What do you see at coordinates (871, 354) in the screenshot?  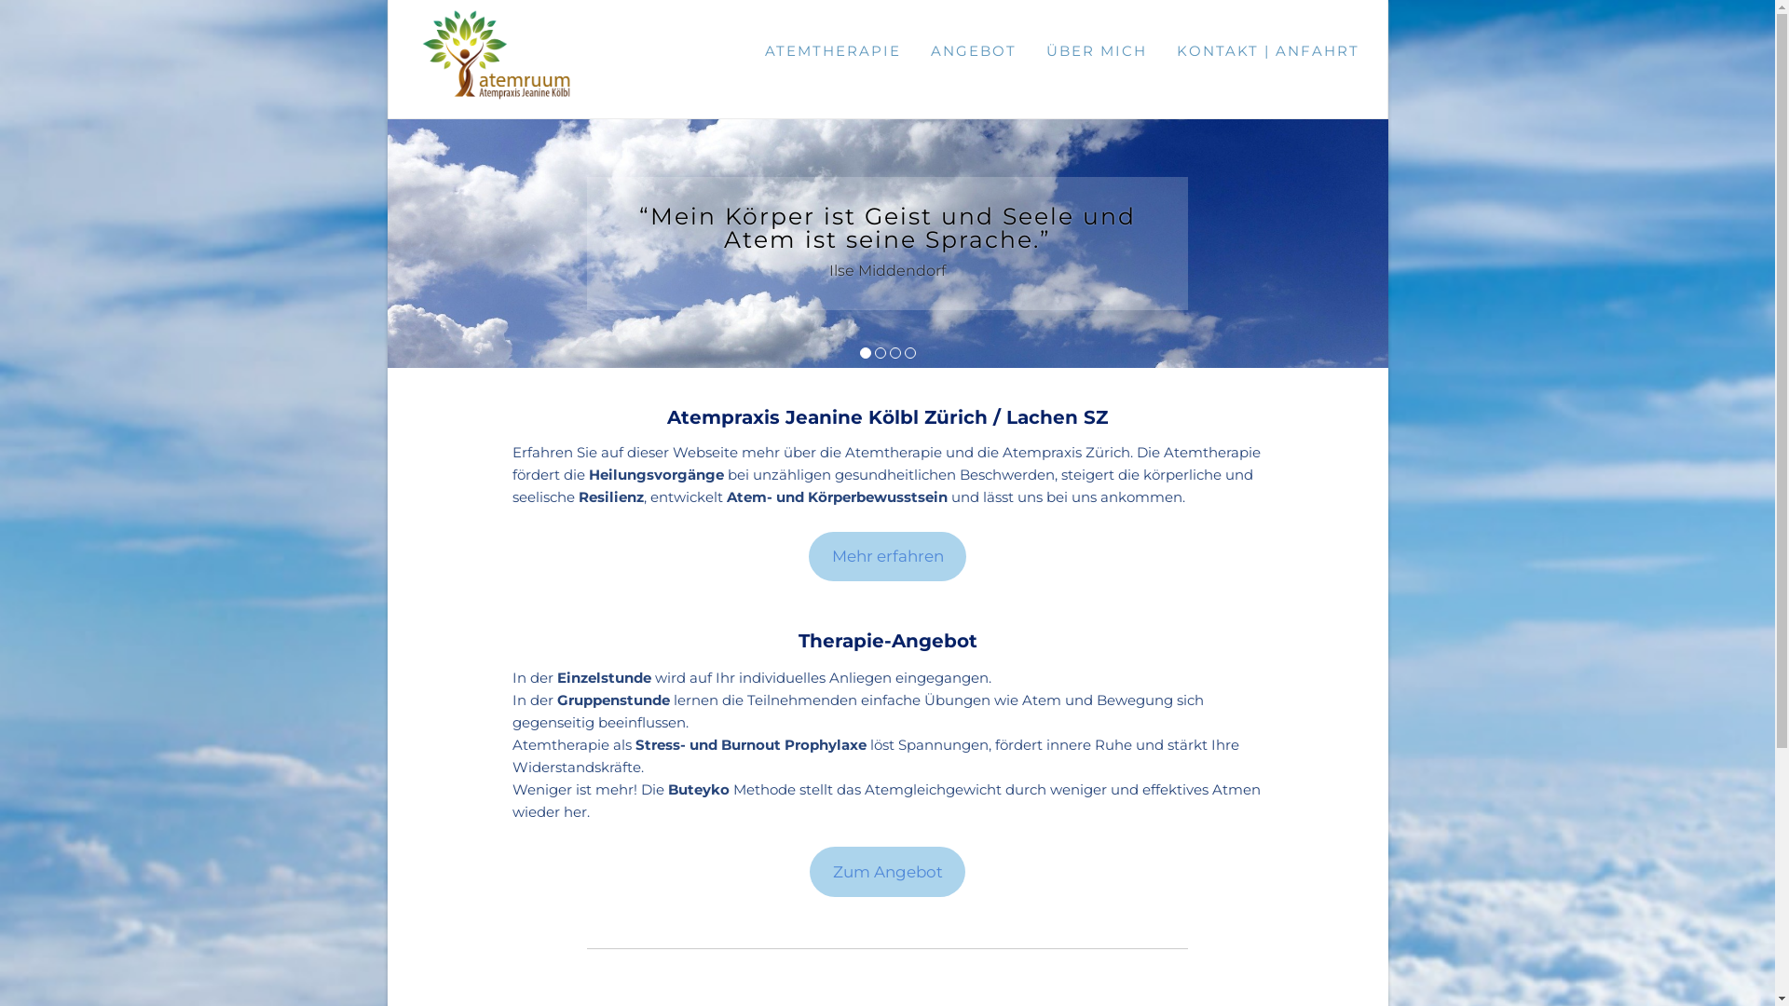 I see `'2'` at bounding box center [871, 354].